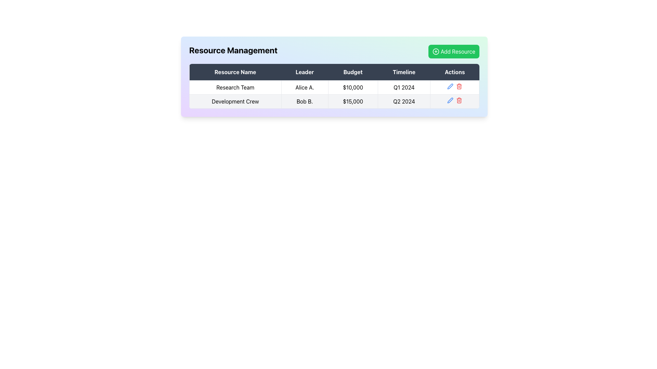 This screenshot has width=657, height=369. Describe the element at coordinates (450, 86) in the screenshot. I see `the pen icon located in the 'Actions' column of the second row of the table in the Resource Management interface` at that location.